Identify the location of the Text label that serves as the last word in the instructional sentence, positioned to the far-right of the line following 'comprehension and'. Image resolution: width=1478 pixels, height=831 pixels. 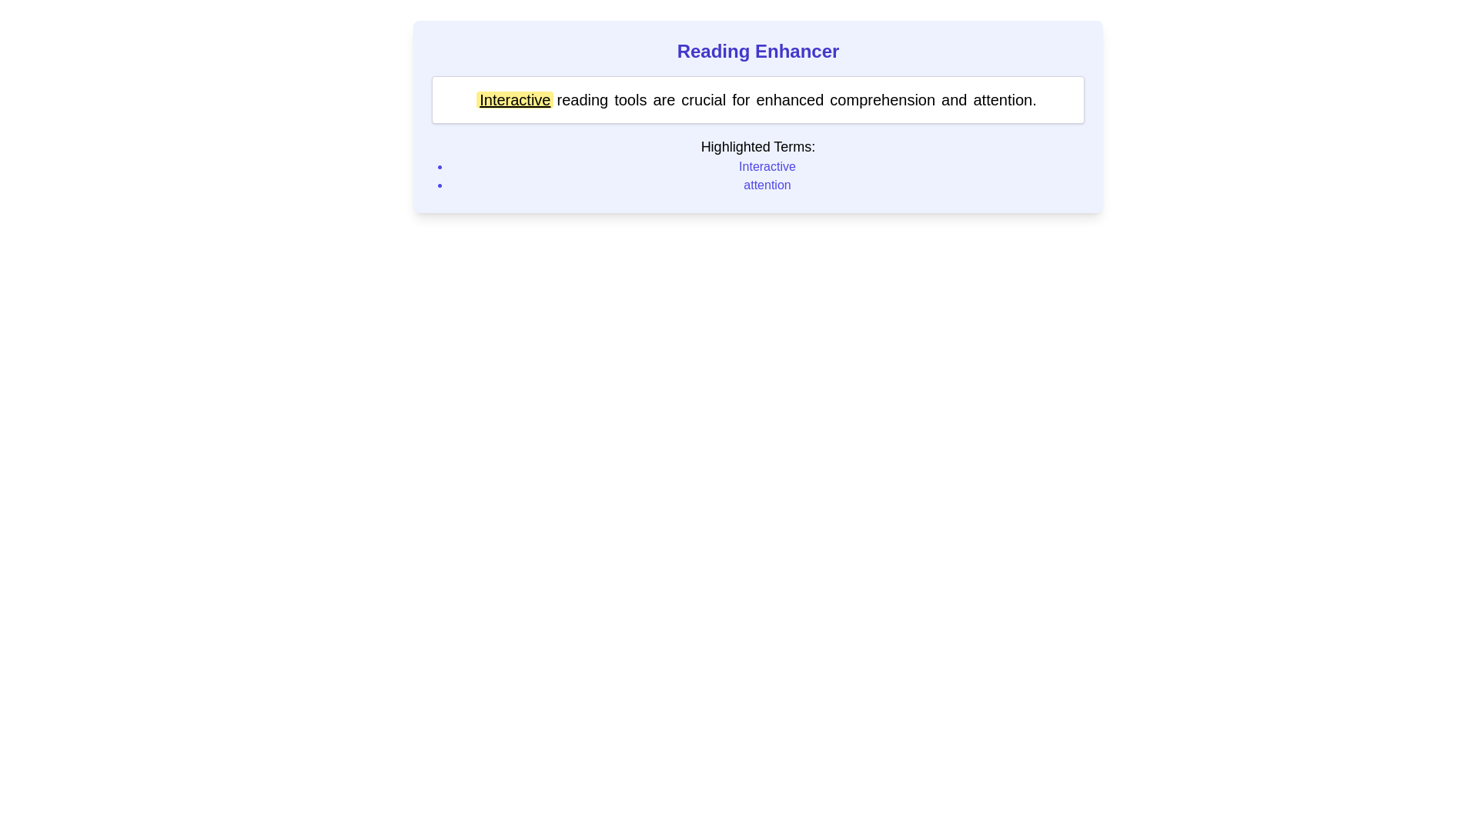
(1005, 100).